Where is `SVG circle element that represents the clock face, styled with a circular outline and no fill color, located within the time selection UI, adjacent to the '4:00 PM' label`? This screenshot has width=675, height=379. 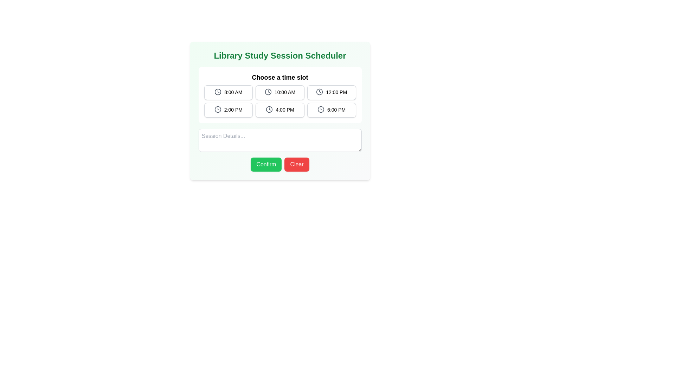
SVG circle element that represents the clock face, styled with a circular outline and no fill color, located within the time selection UI, adjacent to the '4:00 PM' label is located at coordinates (269, 109).